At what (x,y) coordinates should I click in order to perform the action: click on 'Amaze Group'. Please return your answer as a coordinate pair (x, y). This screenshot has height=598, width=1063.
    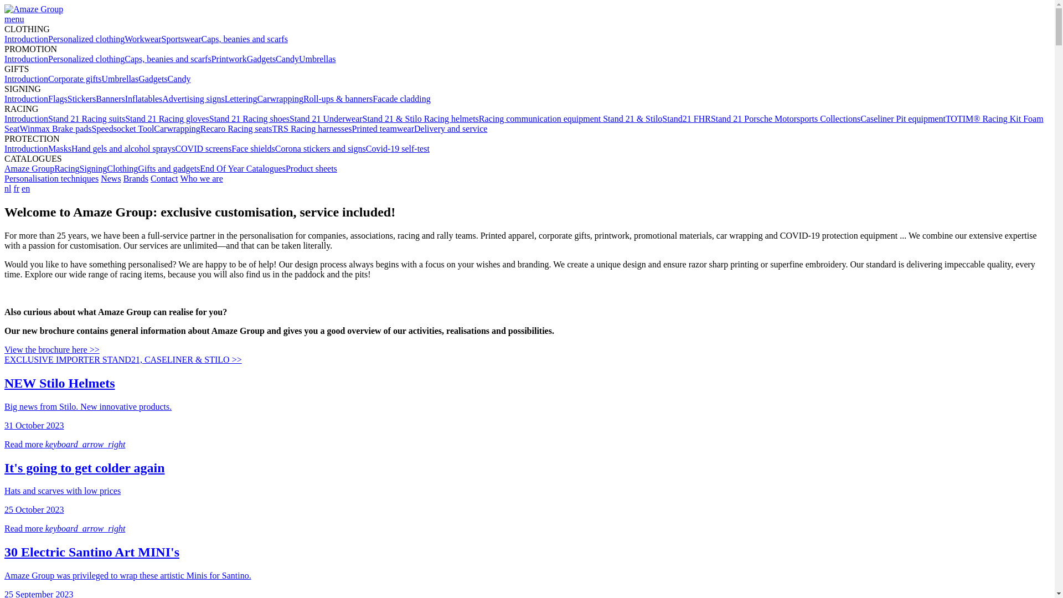
    Looking at the image, I should click on (34, 9).